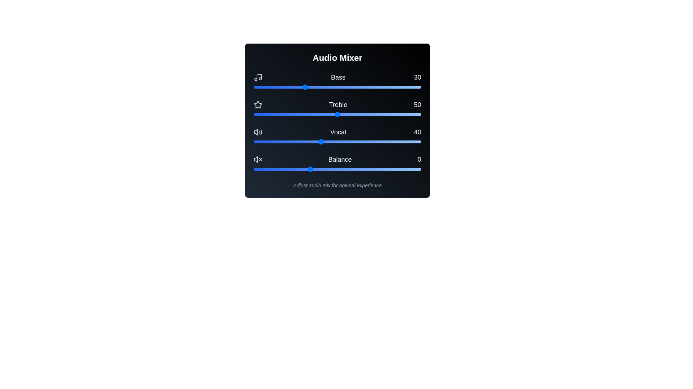 This screenshot has width=693, height=389. What do you see at coordinates (413, 142) in the screenshot?
I see `the Vocal slider to set the vocal level to 95` at bounding box center [413, 142].